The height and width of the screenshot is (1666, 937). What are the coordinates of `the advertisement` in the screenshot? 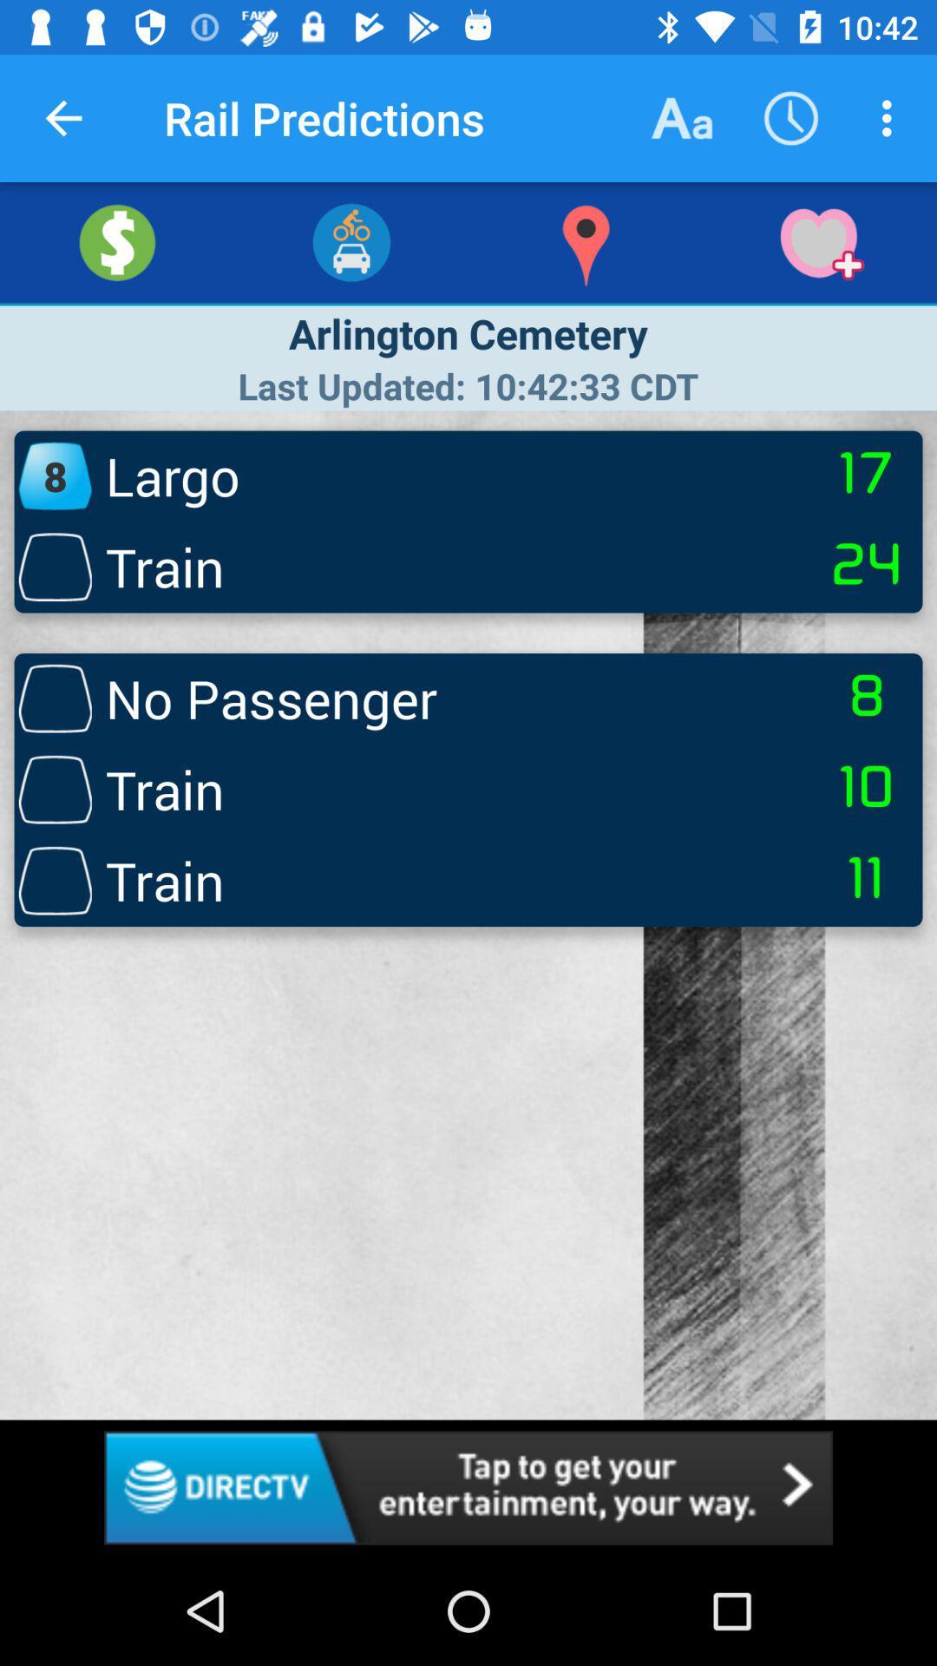 It's located at (468, 1486).